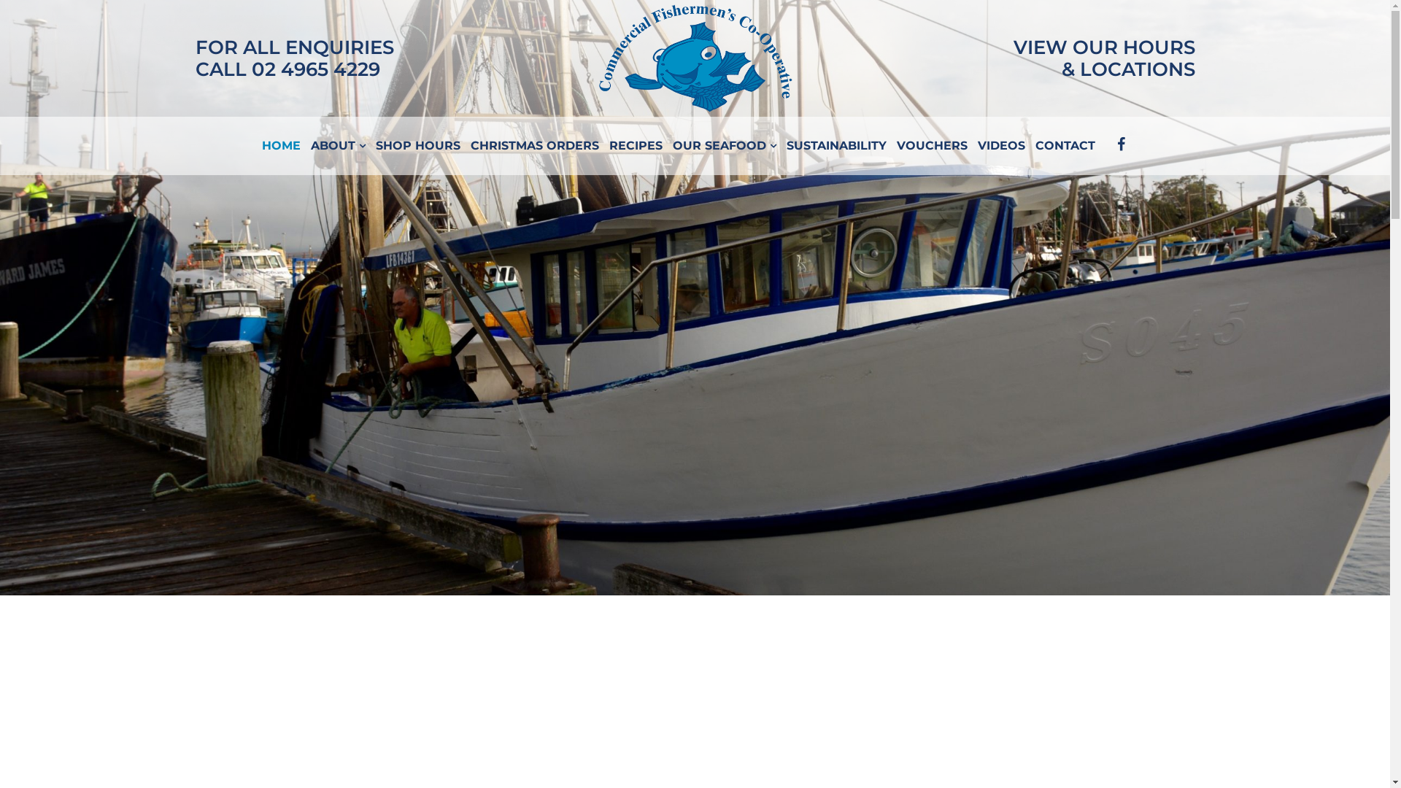  Describe the element at coordinates (281, 146) in the screenshot. I see `'HOME'` at that location.